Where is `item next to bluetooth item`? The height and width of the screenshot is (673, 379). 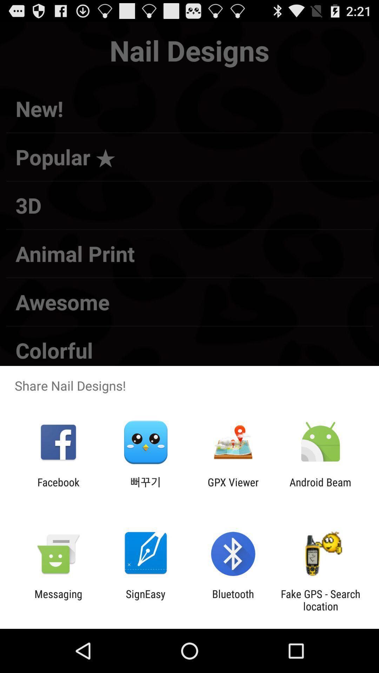 item next to bluetooth item is located at coordinates (145, 600).